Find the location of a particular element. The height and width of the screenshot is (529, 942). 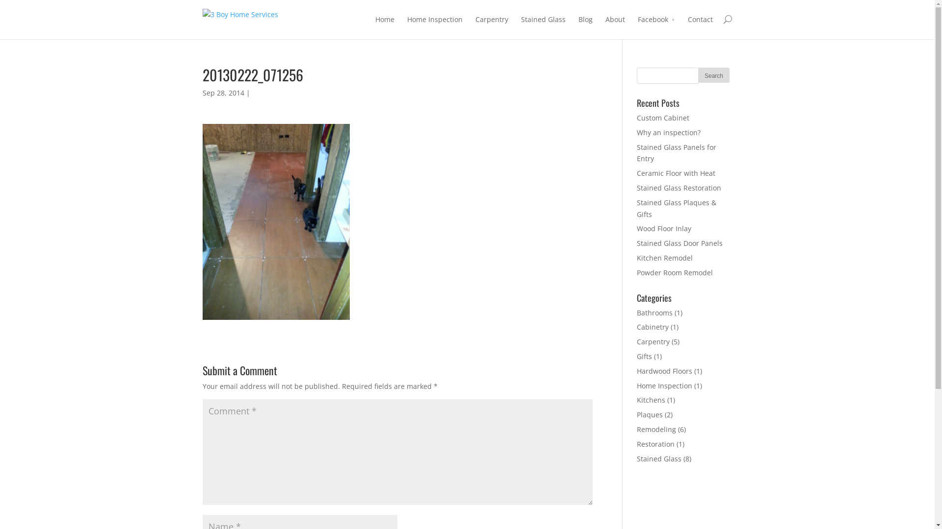

'Home Inspection' is located at coordinates (664, 385).